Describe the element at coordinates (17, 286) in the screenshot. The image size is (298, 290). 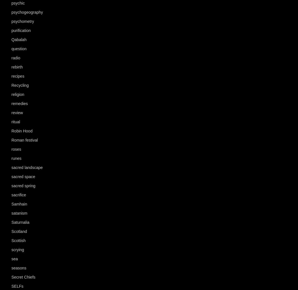
I see `'SELFs'` at that location.